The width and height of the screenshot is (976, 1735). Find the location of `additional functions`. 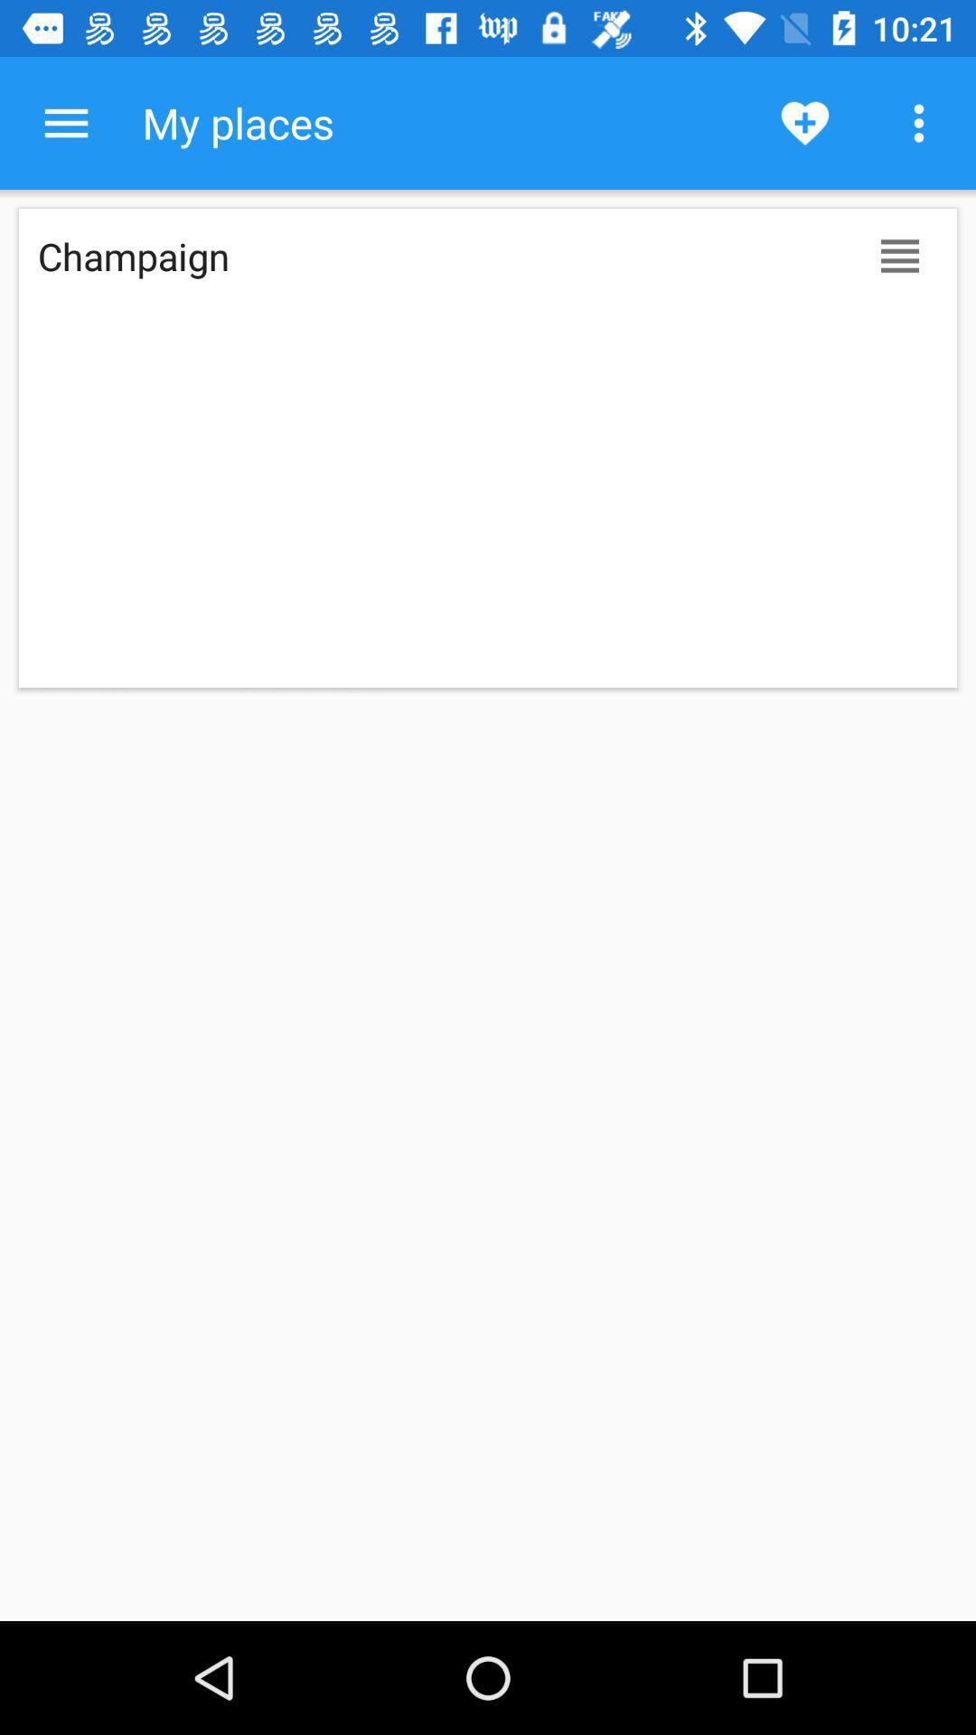

additional functions is located at coordinates (65, 122).